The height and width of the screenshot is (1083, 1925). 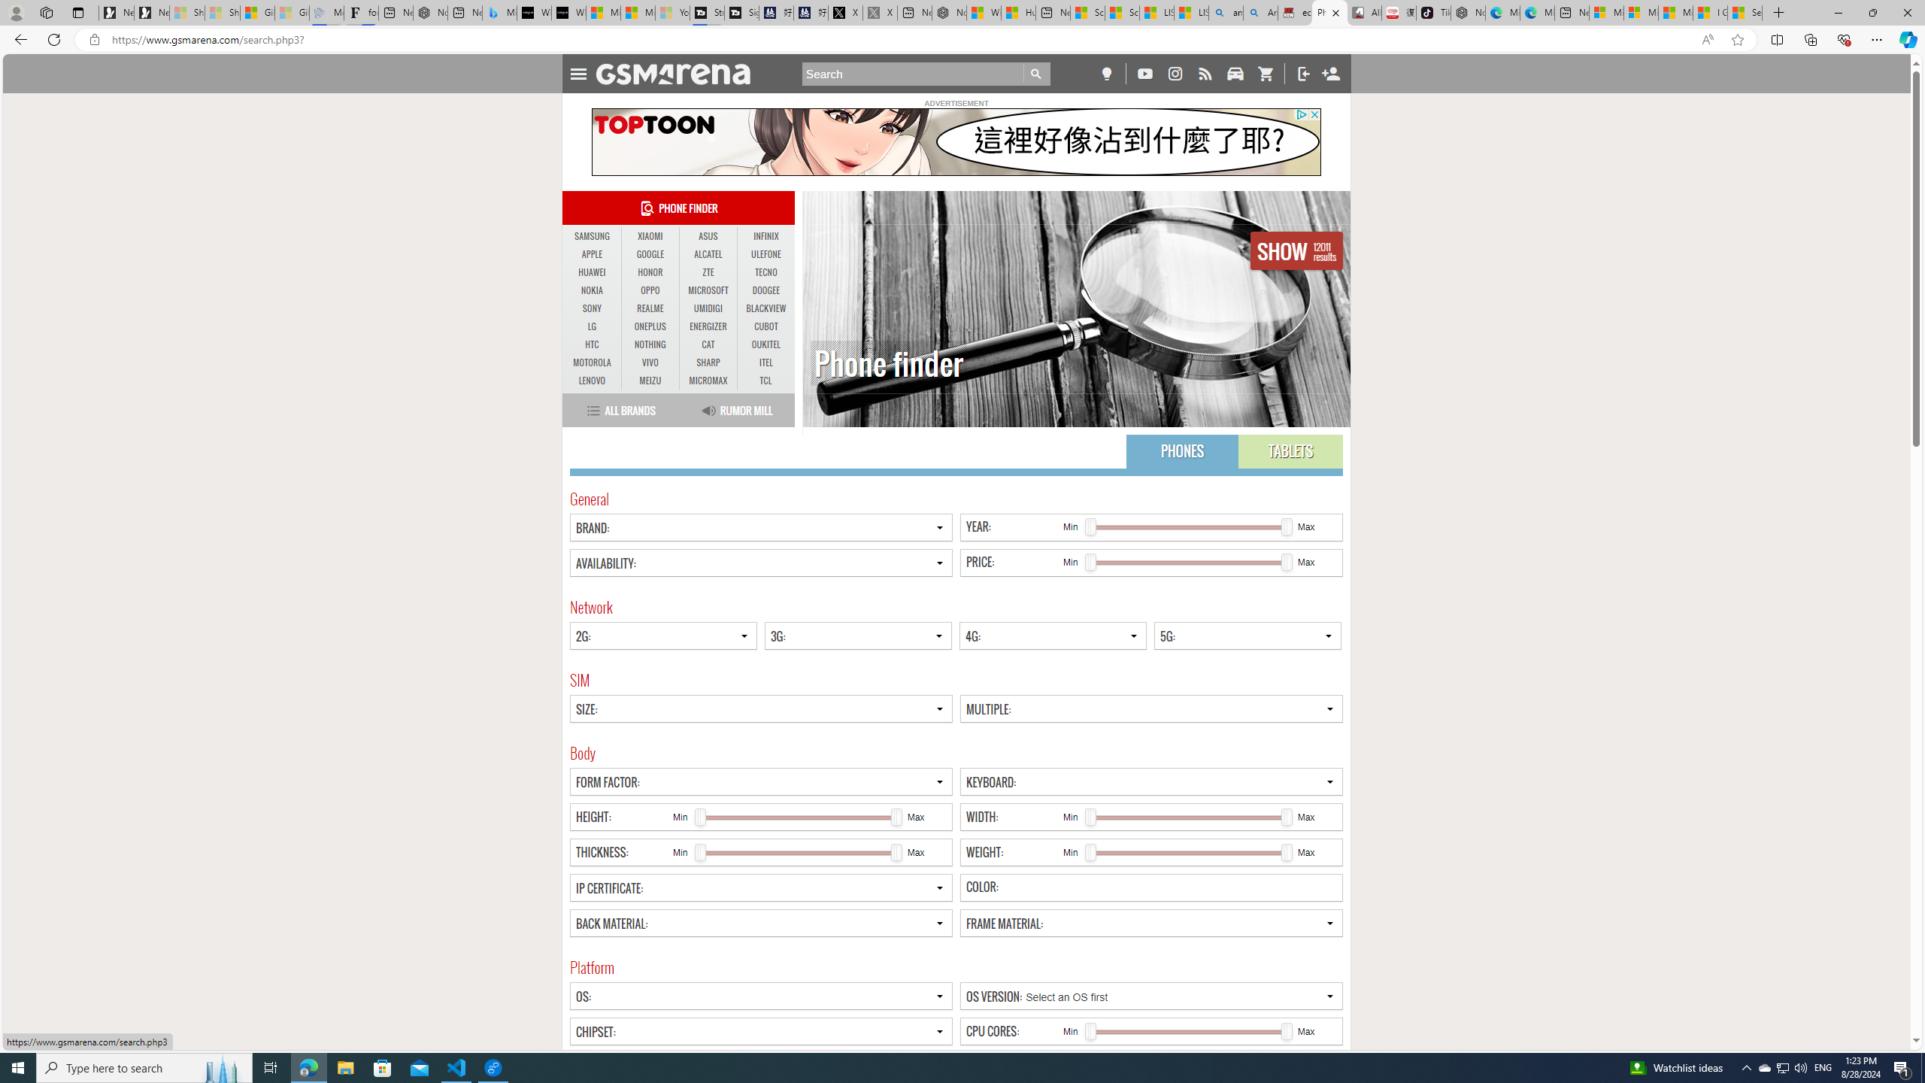 I want to click on 'BLACKVIEW', so click(x=765, y=308).